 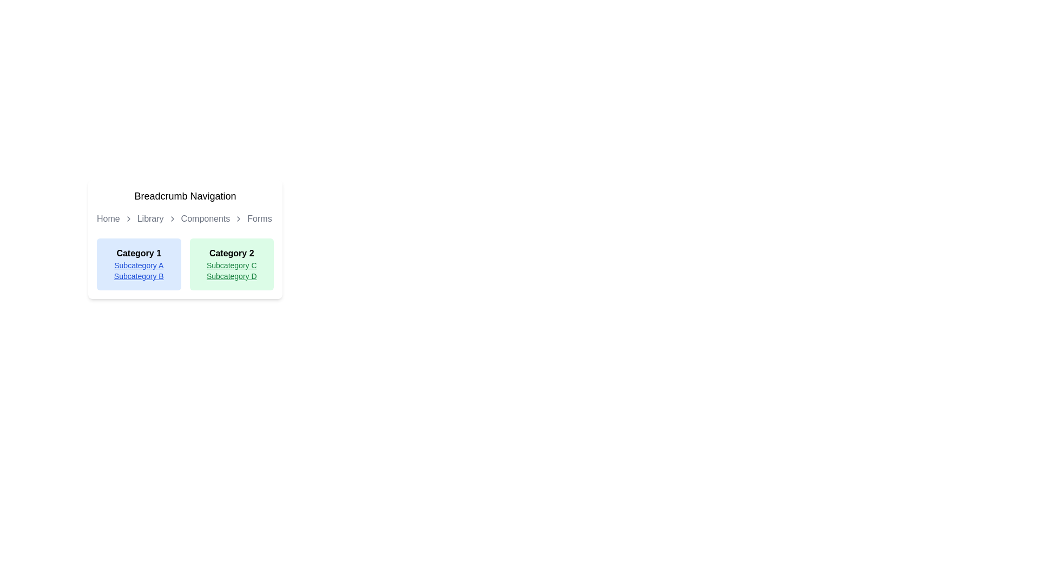 What do you see at coordinates (238, 219) in the screenshot?
I see `the chevron icon that separates 'Components' and 'Forms' in the breadcrumb navigation bar, which is the fourth chevron in the sequence` at bounding box center [238, 219].